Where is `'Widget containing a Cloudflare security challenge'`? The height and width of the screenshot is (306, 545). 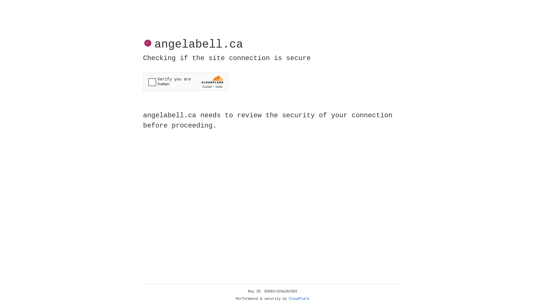 'Widget containing a Cloudflare security challenge' is located at coordinates (185, 82).